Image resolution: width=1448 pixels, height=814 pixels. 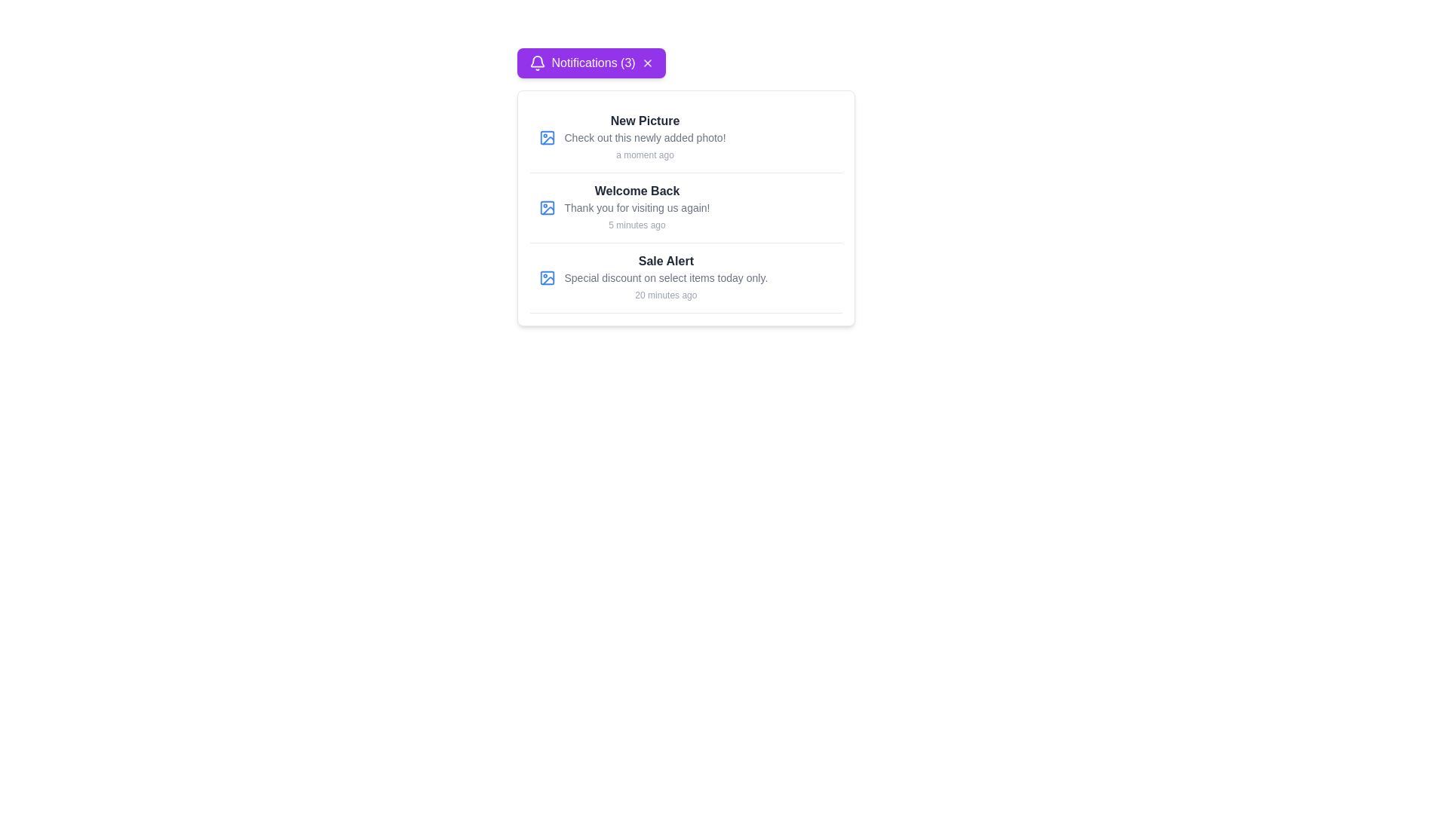 I want to click on the minimalistic cross ('X') icon button located, so click(x=647, y=63).